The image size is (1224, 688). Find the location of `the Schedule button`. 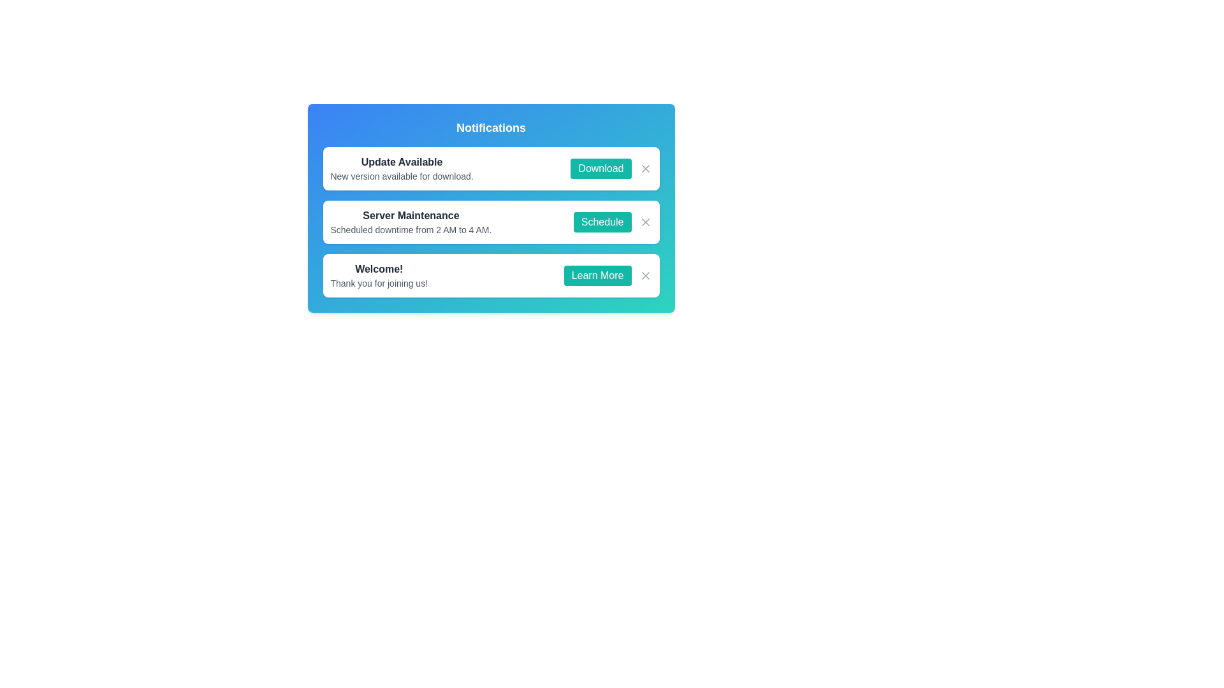

the Schedule button is located at coordinates (602, 221).